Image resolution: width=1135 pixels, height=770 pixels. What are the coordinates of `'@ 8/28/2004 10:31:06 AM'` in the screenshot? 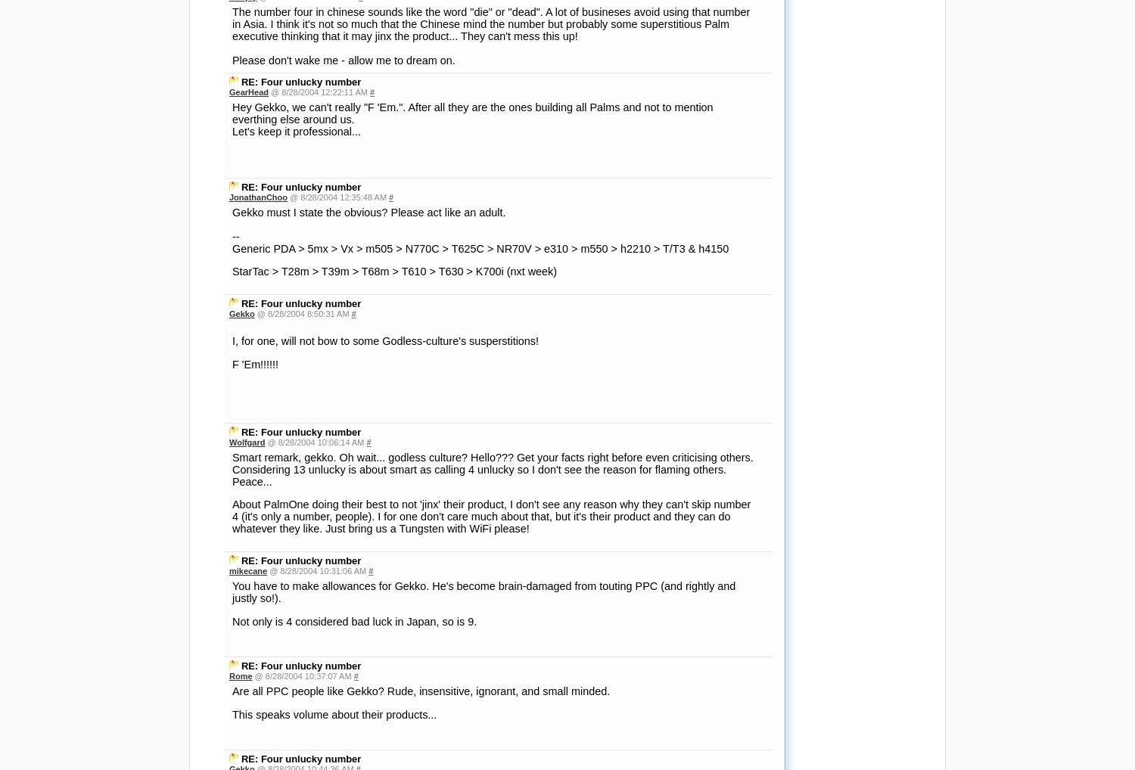 It's located at (318, 570).